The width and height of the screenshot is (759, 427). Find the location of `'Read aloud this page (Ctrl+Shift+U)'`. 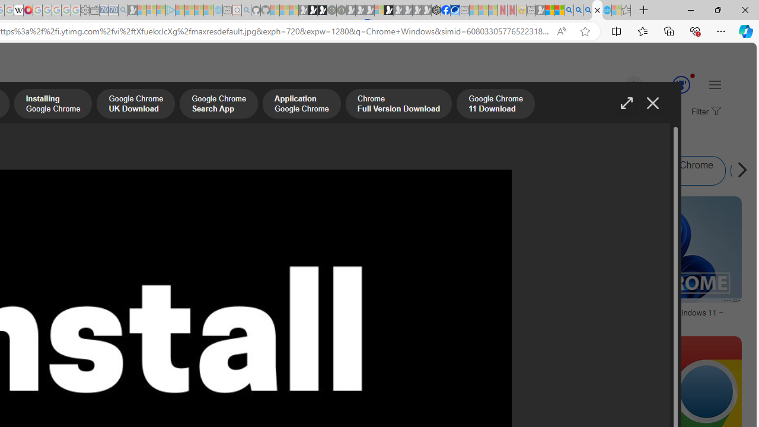

'Read aloud this page (Ctrl+Shift+U)' is located at coordinates (560, 31).